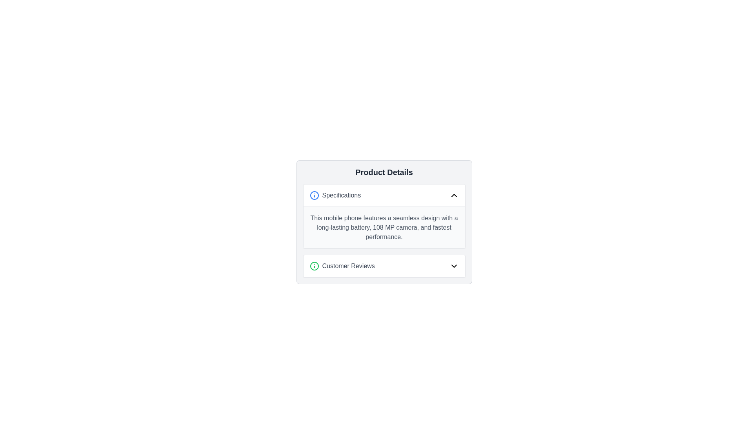 Image resolution: width=753 pixels, height=424 pixels. What do you see at coordinates (335, 195) in the screenshot?
I see `the 'Specifications' label which consists of a blue circular icon with an information symbol ('i') followed by the text 'Specifications' in gray-700 color, located in the first section of the 'Product Details' card` at bounding box center [335, 195].